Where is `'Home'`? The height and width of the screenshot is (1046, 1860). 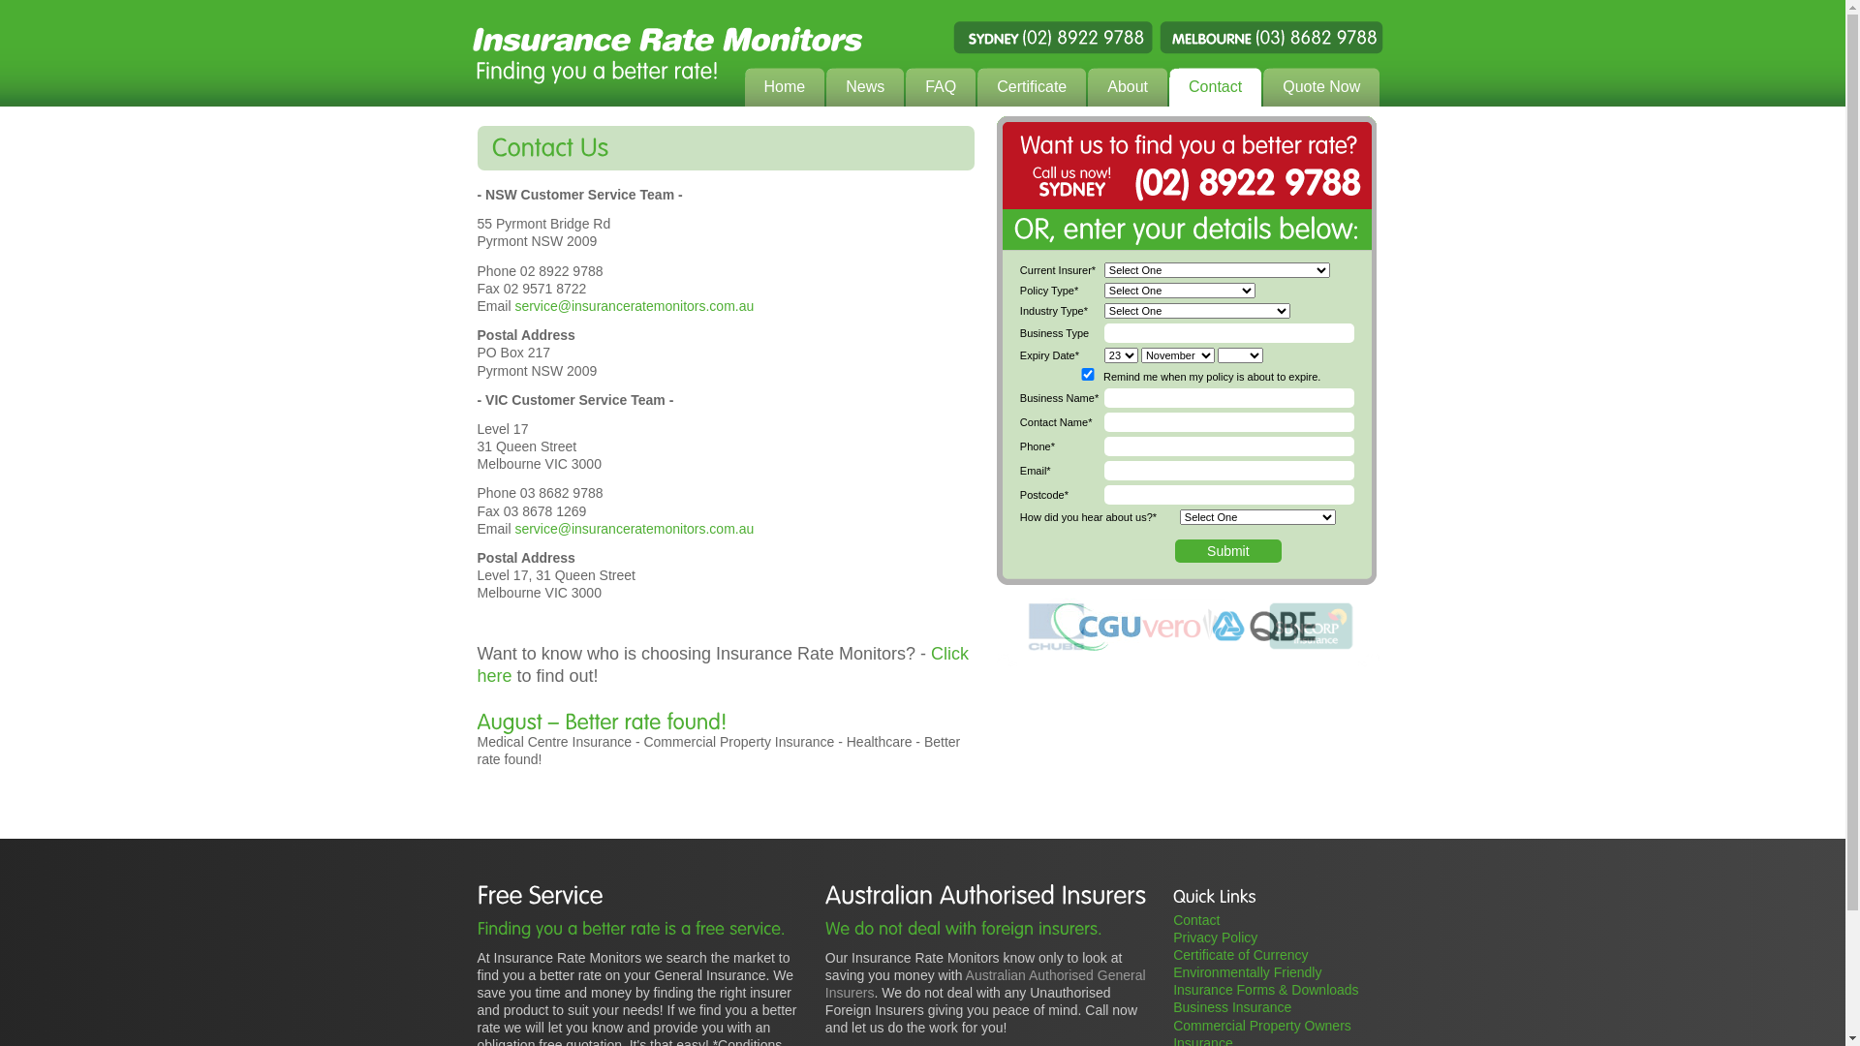 'Home' is located at coordinates (784, 88).